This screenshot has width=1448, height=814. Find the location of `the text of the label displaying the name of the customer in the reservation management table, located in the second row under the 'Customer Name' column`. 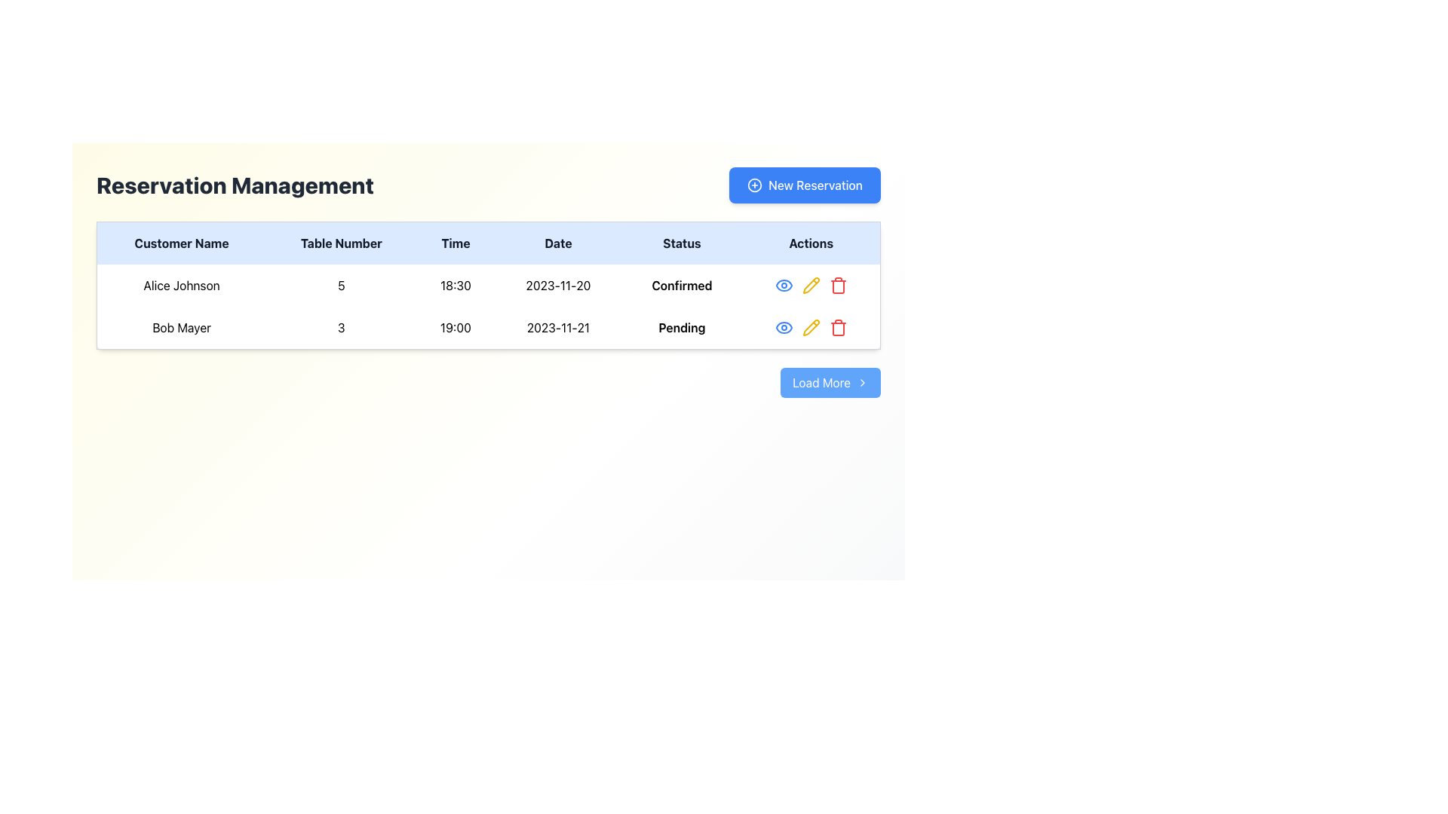

the text of the label displaying the name of the customer in the reservation management table, located in the second row under the 'Customer Name' column is located at coordinates (181, 327).